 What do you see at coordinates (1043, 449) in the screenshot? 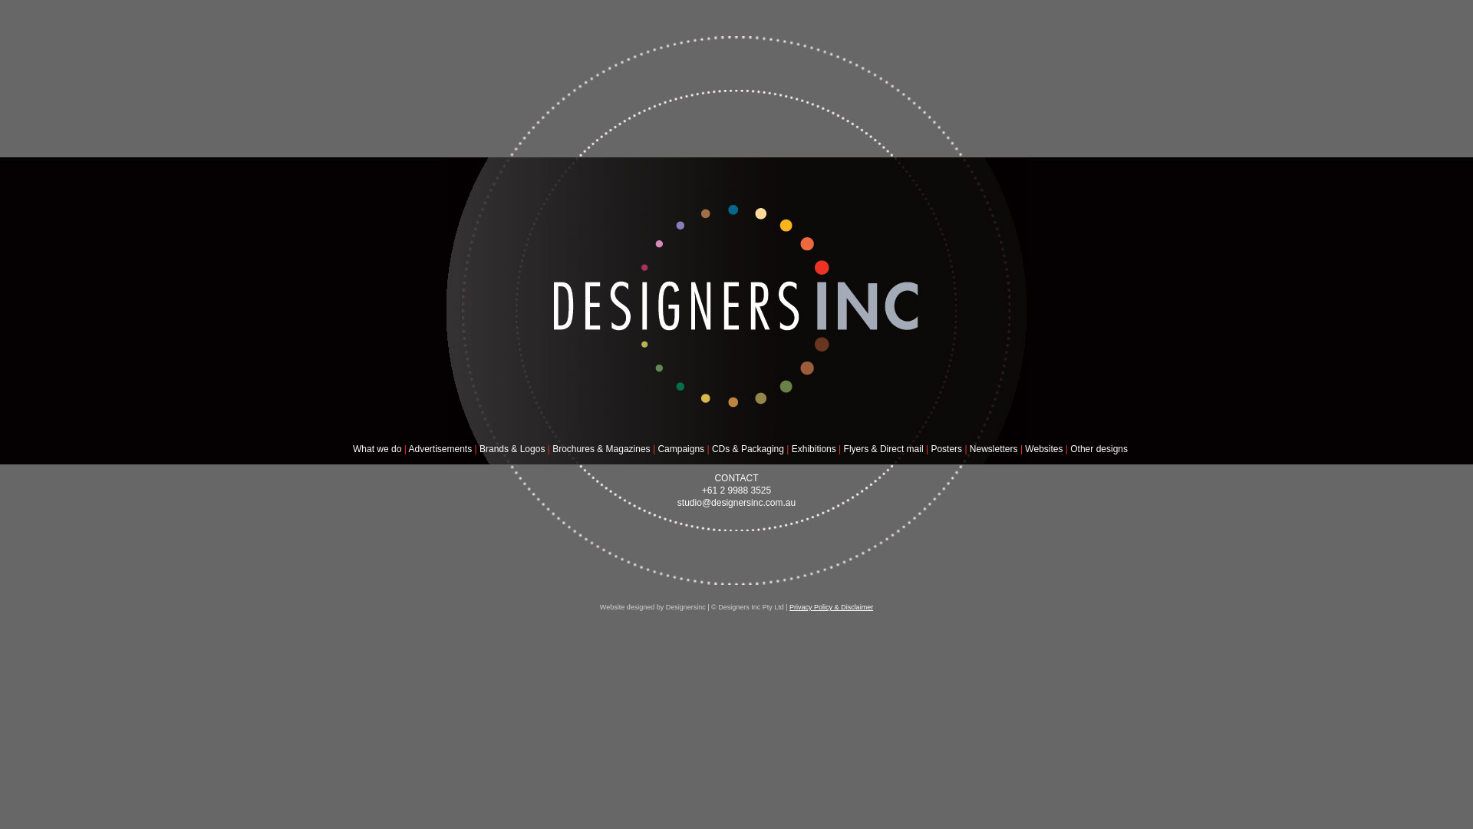
I see `'Websites'` at bounding box center [1043, 449].